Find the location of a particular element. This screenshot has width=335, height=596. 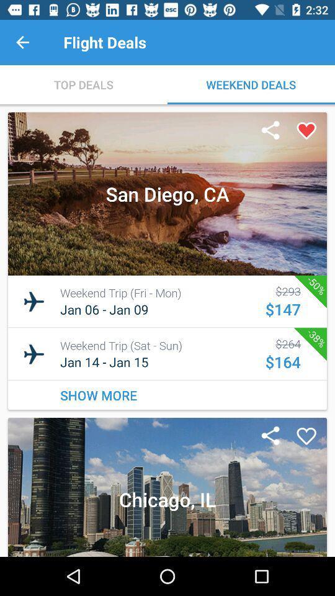

the content with san diego ca is located at coordinates (167, 260).